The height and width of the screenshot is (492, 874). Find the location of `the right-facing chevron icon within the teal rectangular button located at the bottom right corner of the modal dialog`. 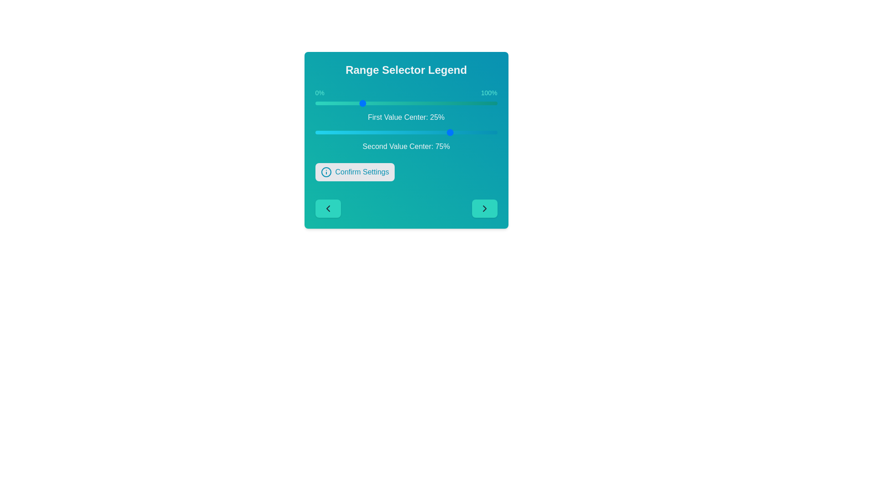

the right-facing chevron icon within the teal rectangular button located at the bottom right corner of the modal dialog is located at coordinates (484, 209).